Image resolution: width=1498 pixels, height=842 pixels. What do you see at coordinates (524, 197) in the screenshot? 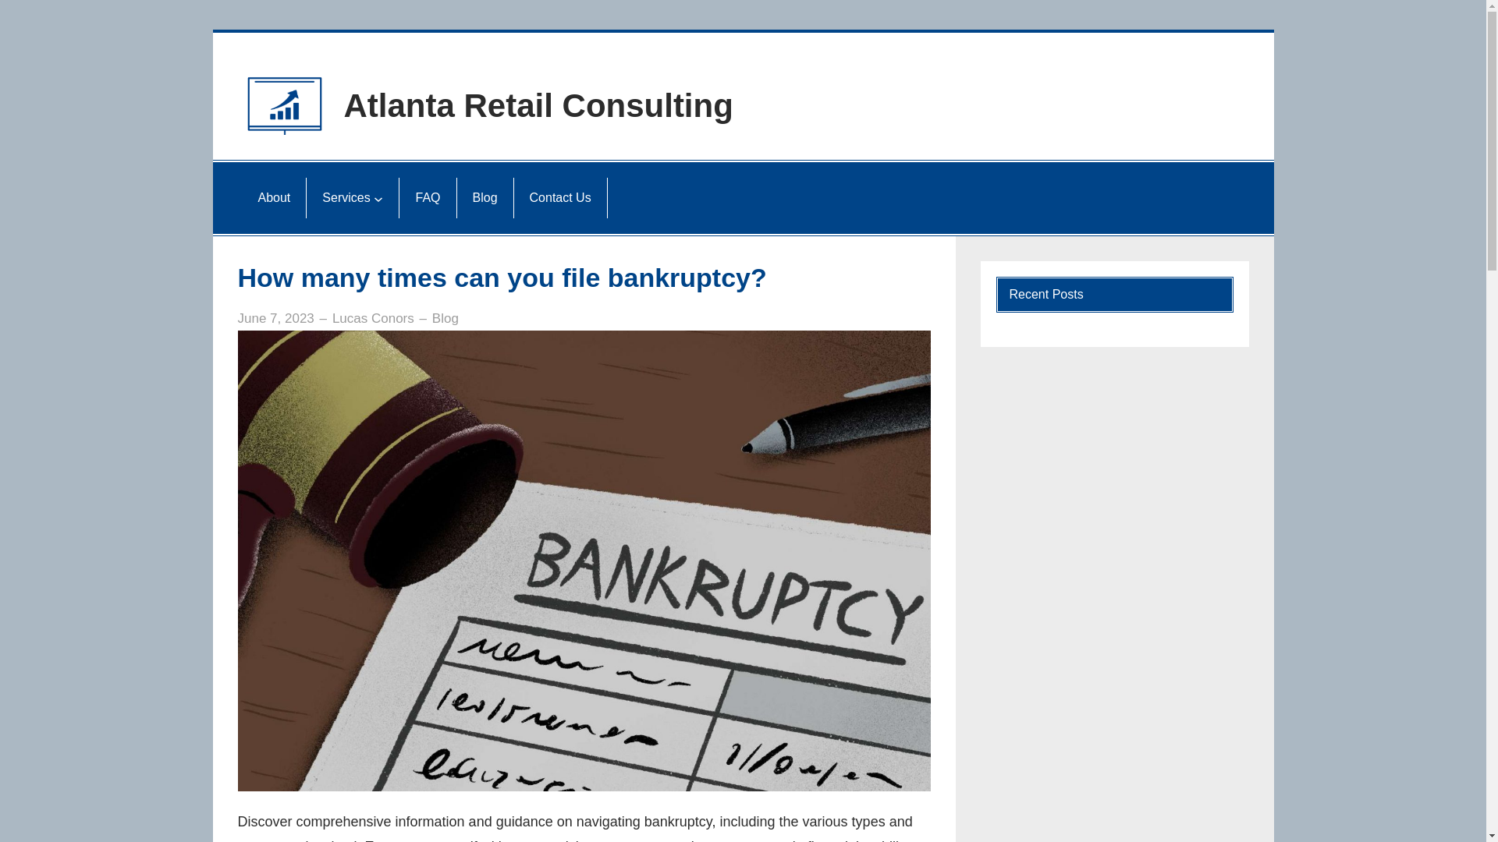
I see `'Contact Us'` at bounding box center [524, 197].